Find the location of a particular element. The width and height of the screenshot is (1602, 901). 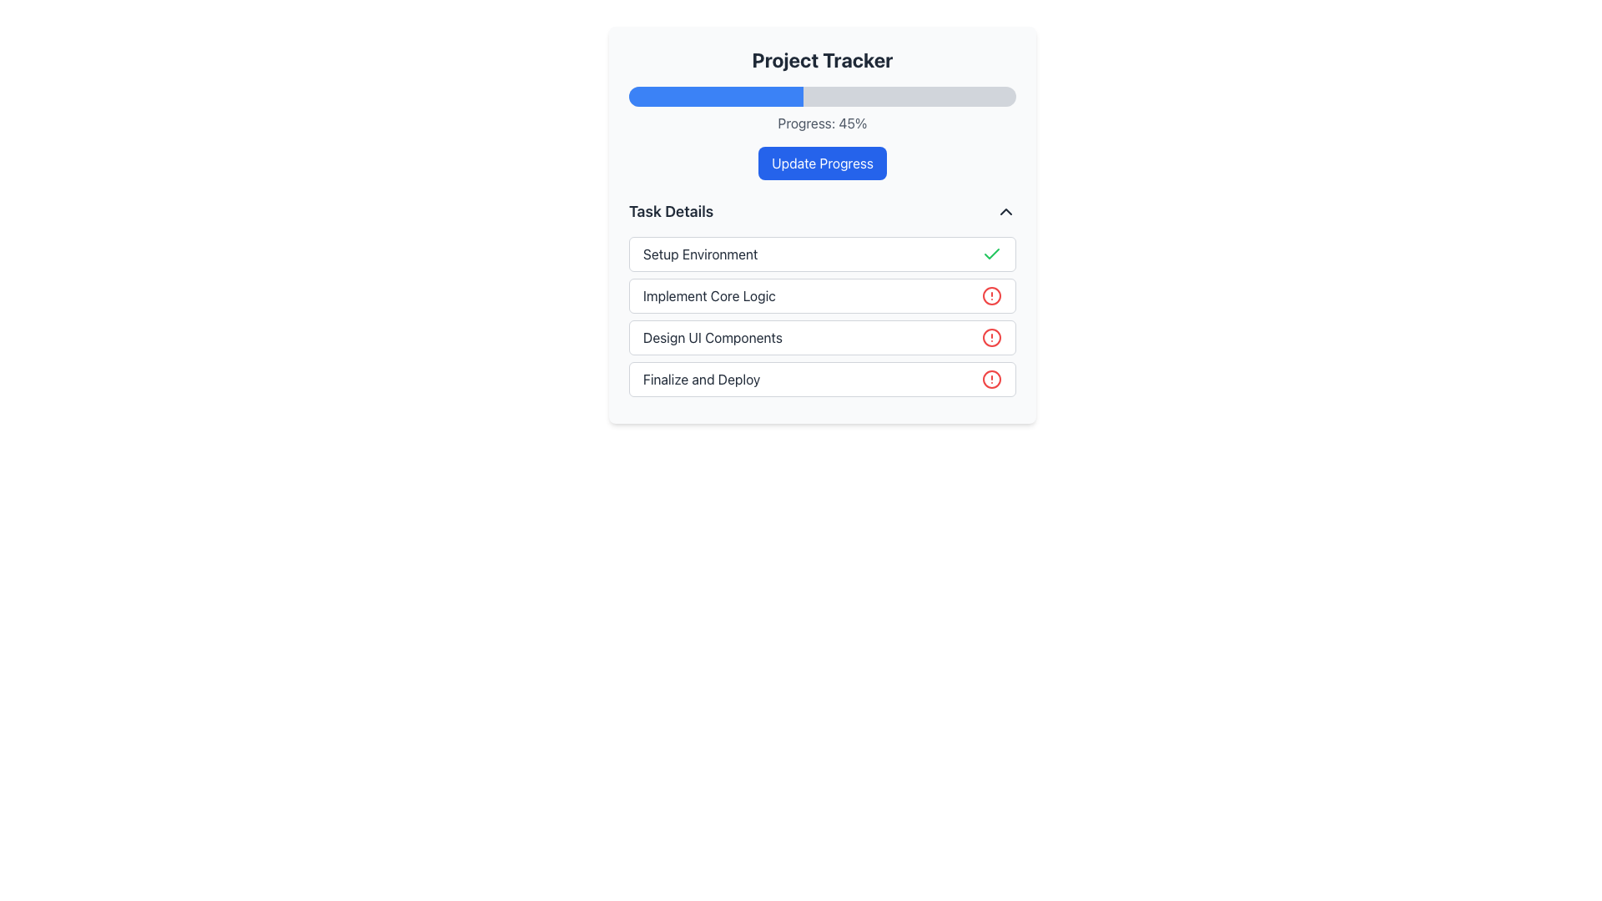

the static text label indicating the title of a task item within the 'Task Details' section is located at coordinates (702, 380).